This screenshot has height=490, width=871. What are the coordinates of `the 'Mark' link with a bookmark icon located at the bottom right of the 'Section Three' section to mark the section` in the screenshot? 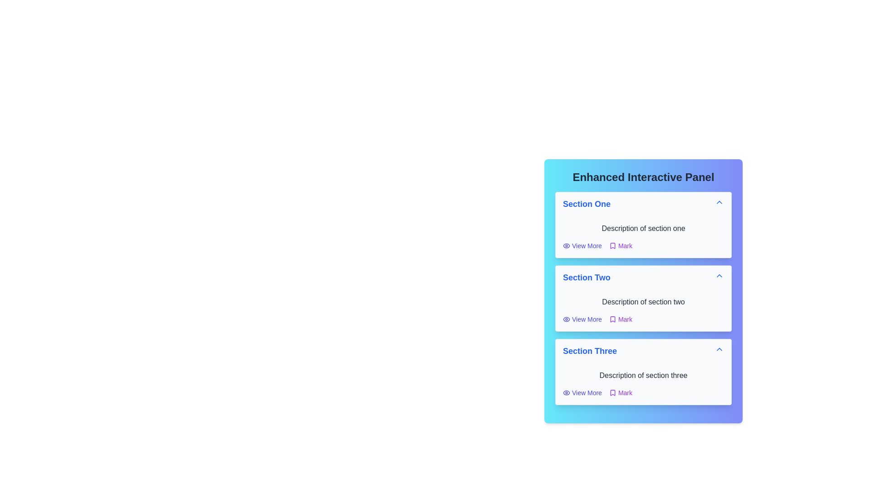 It's located at (620, 392).